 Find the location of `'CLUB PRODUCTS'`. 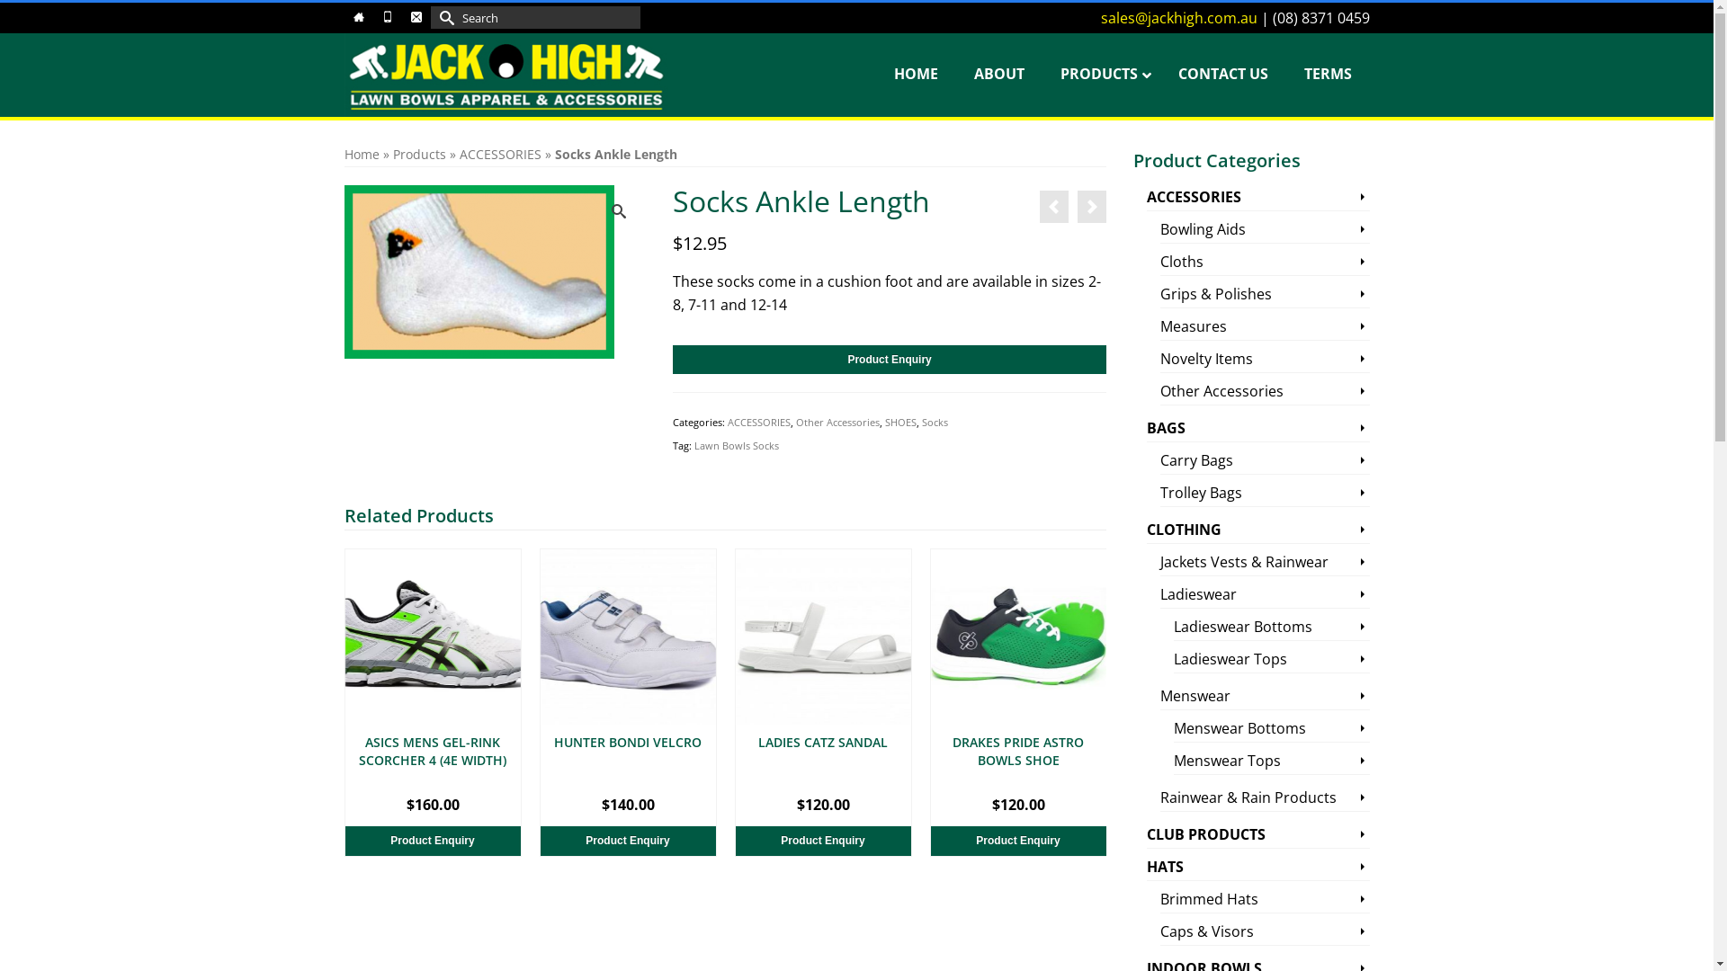

'CLUB PRODUCTS' is located at coordinates (1257, 834).